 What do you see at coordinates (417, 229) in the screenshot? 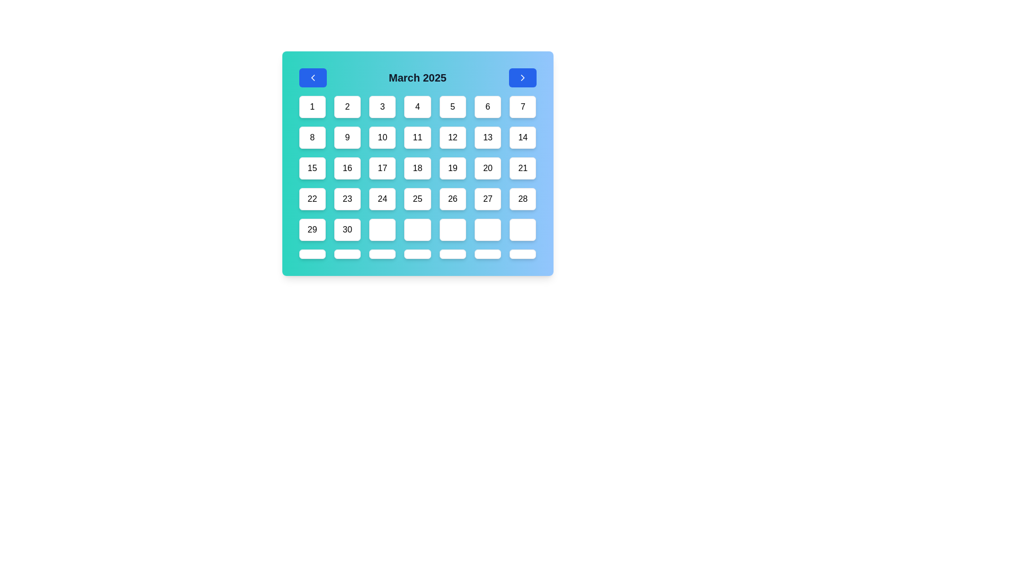
I see `the fourth button in the last row of the calendar grid` at bounding box center [417, 229].